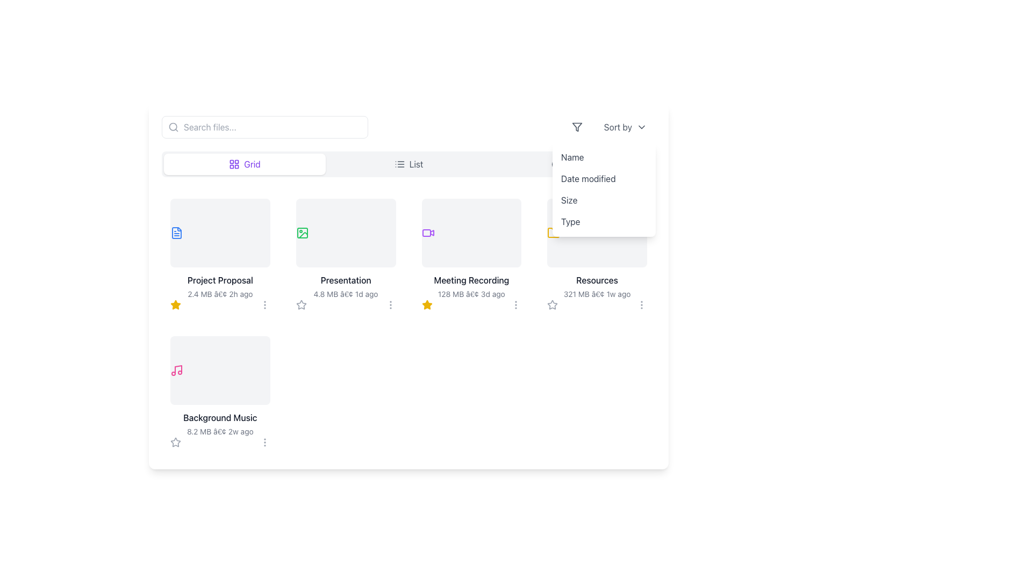 This screenshot has height=580, width=1032. Describe the element at coordinates (244, 164) in the screenshot. I see `the toggle button for grid layout located at the top-center of the interface` at that location.